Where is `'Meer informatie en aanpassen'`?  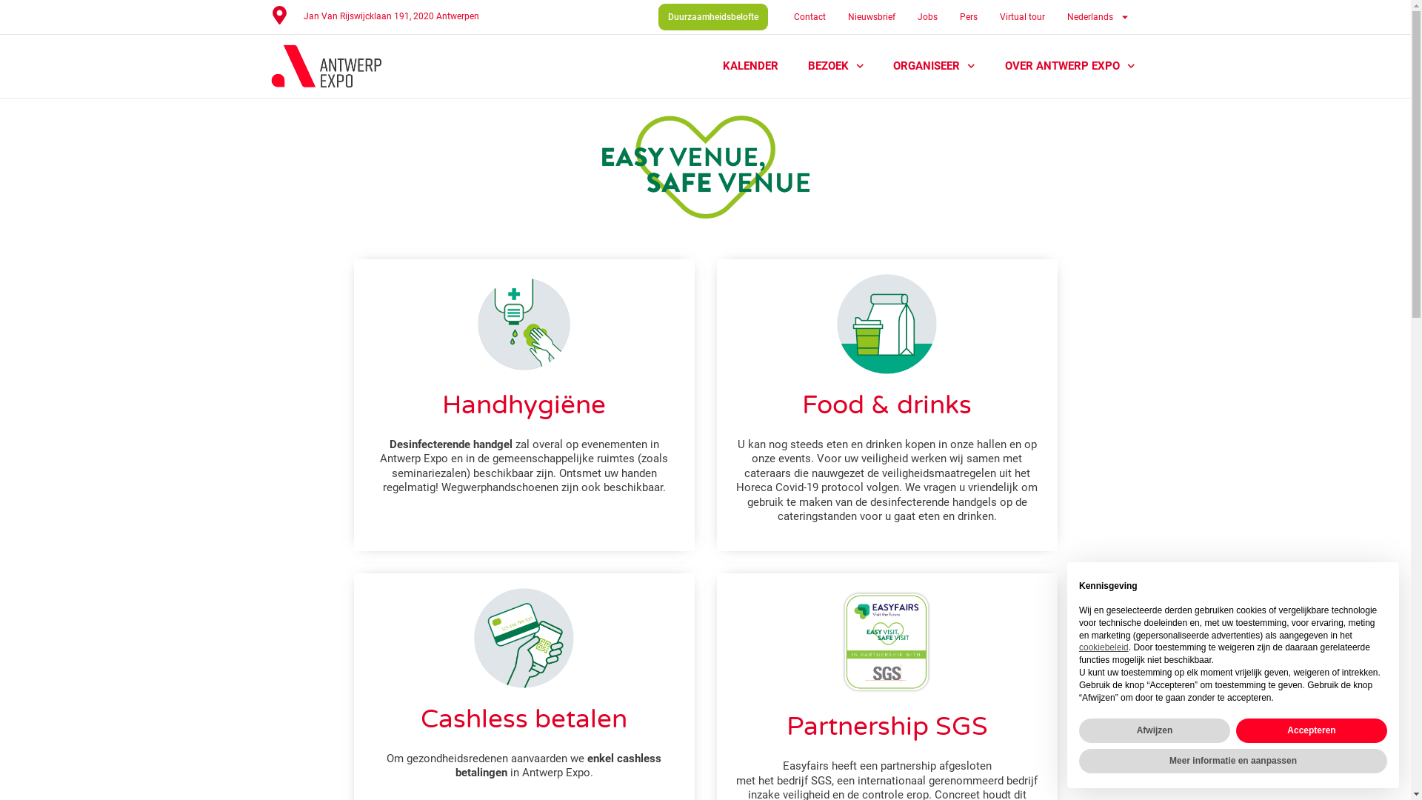 'Meer informatie en aanpassen' is located at coordinates (1233, 761).